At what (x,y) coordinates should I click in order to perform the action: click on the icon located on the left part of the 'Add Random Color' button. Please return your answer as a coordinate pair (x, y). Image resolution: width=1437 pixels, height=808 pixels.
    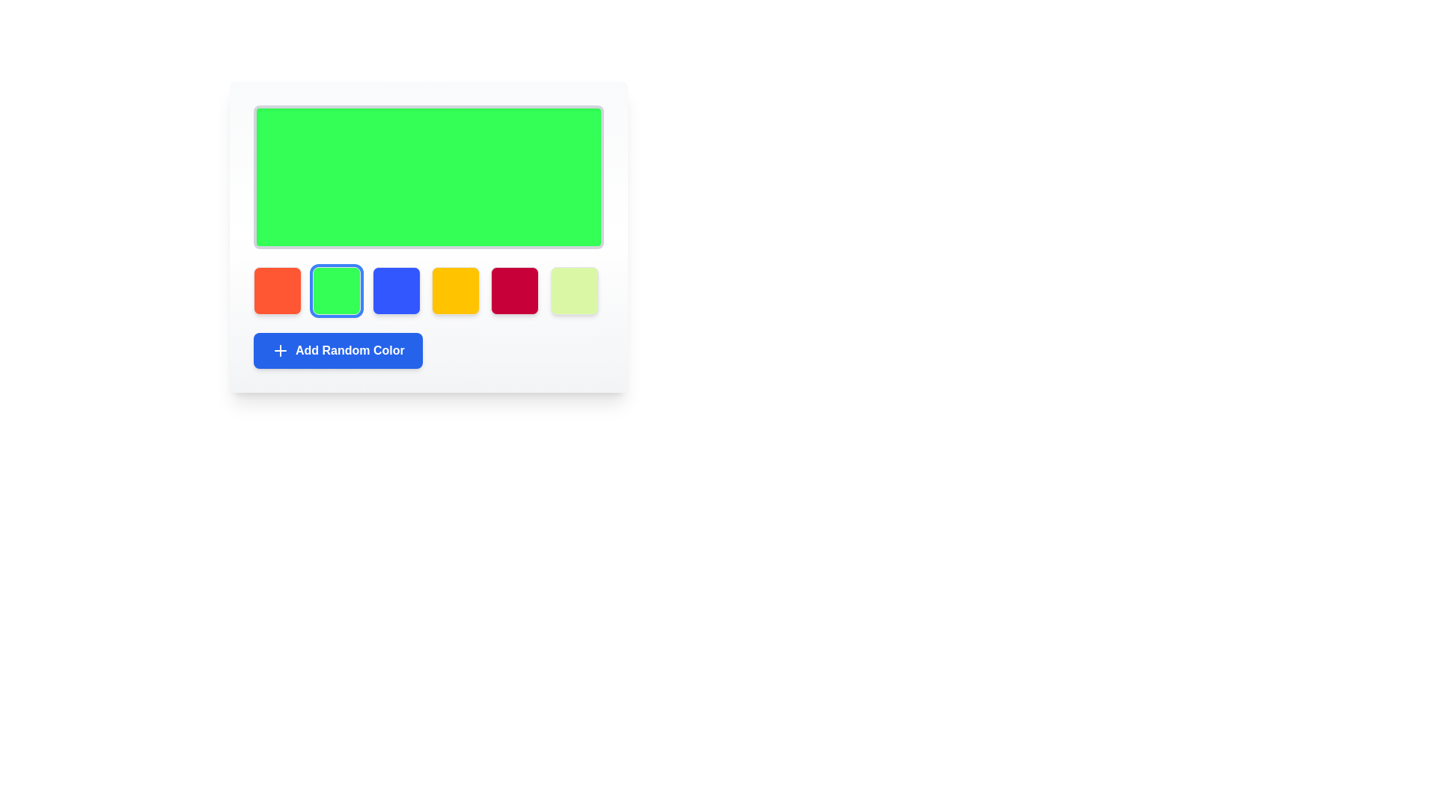
    Looking at the image, I should click on (280, 351).